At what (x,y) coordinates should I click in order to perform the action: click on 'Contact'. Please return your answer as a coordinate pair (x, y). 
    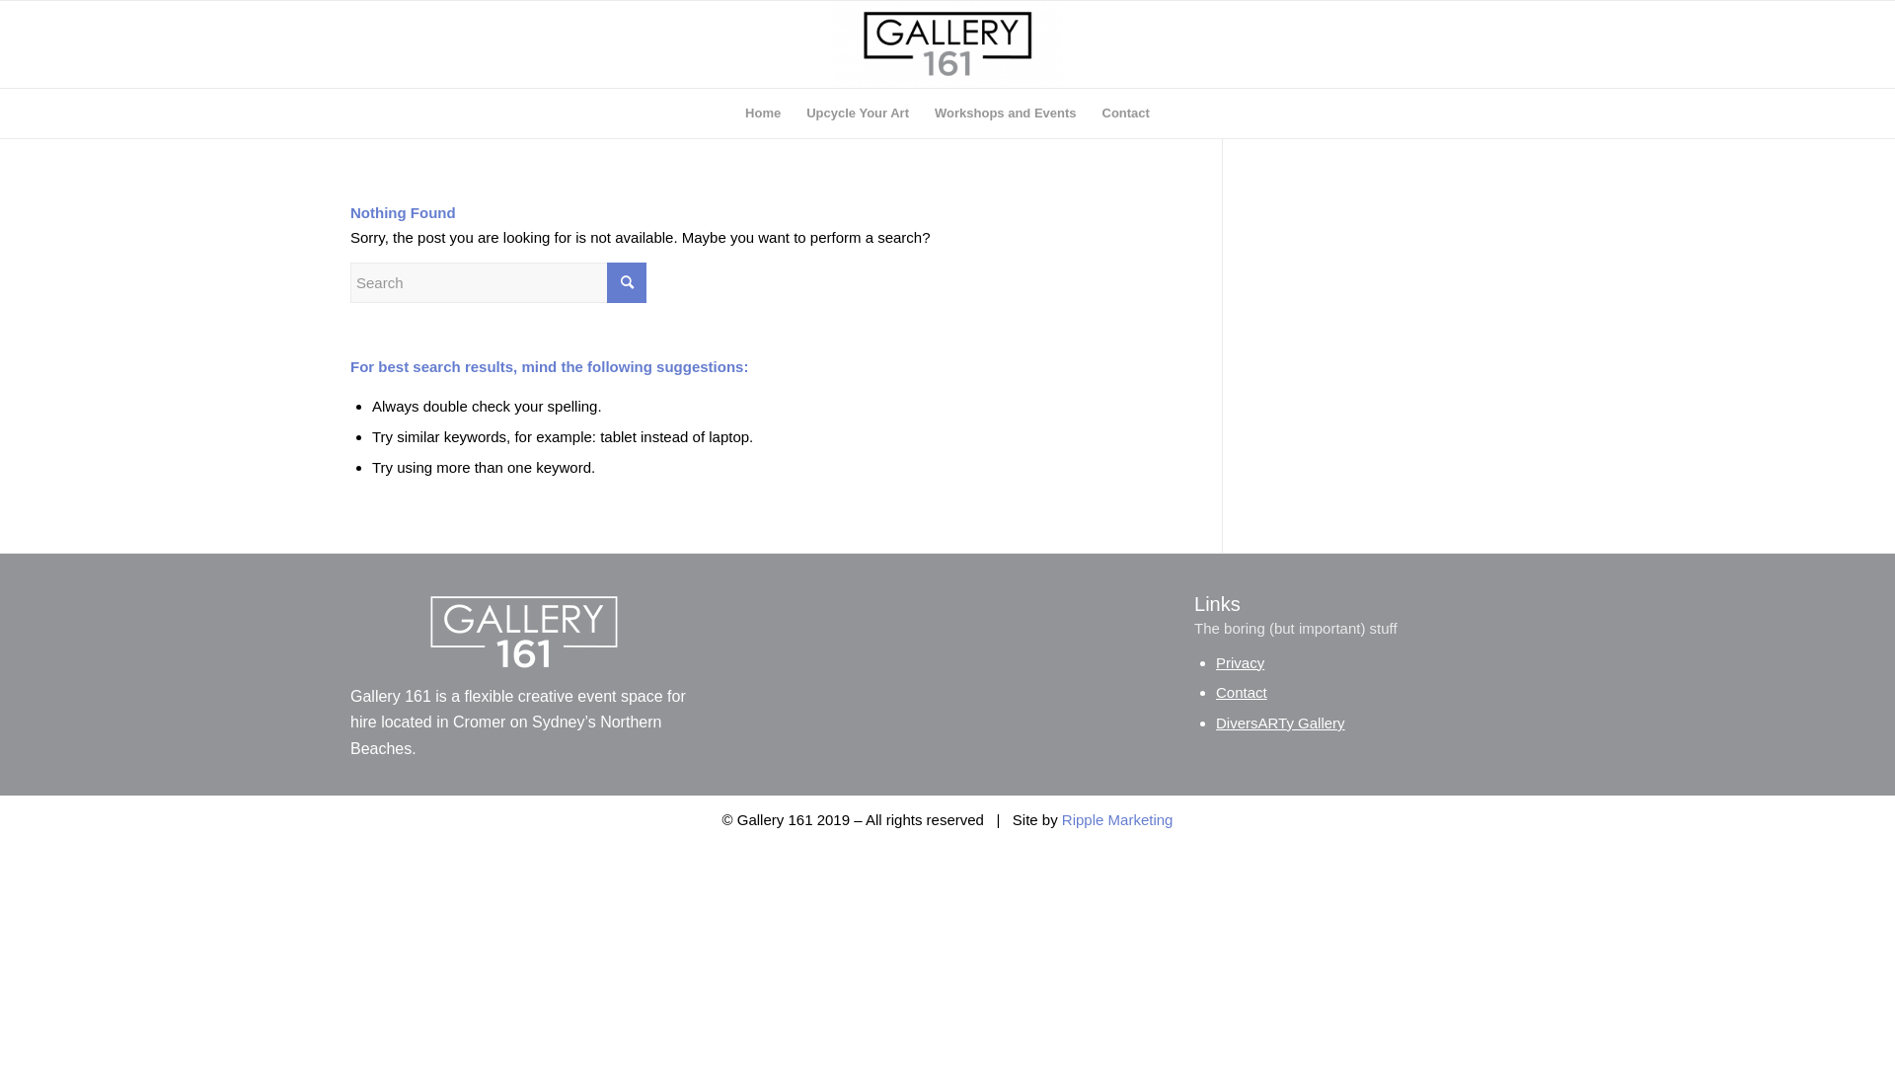
    Looking at the image, I should click on (1215, 691).